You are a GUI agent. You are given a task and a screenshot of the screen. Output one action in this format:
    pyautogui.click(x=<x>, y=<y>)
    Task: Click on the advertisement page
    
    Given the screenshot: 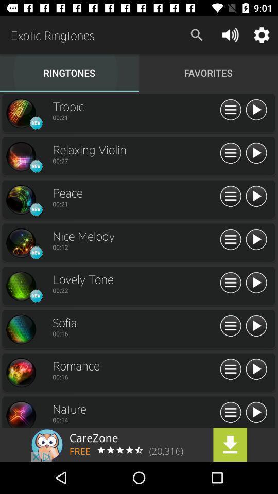 What is the action you would take?
    pyautogui.click(x=139, y=444)
    